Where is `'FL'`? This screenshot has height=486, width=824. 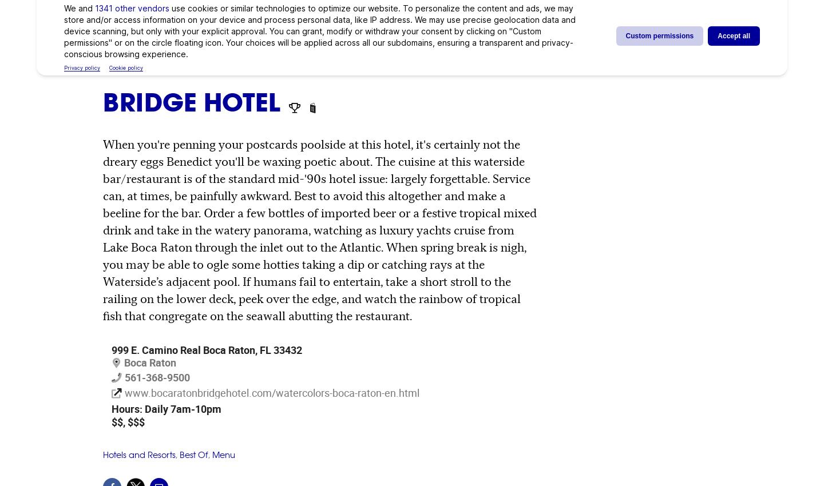
'FL' is located at coordinates (260, 348).